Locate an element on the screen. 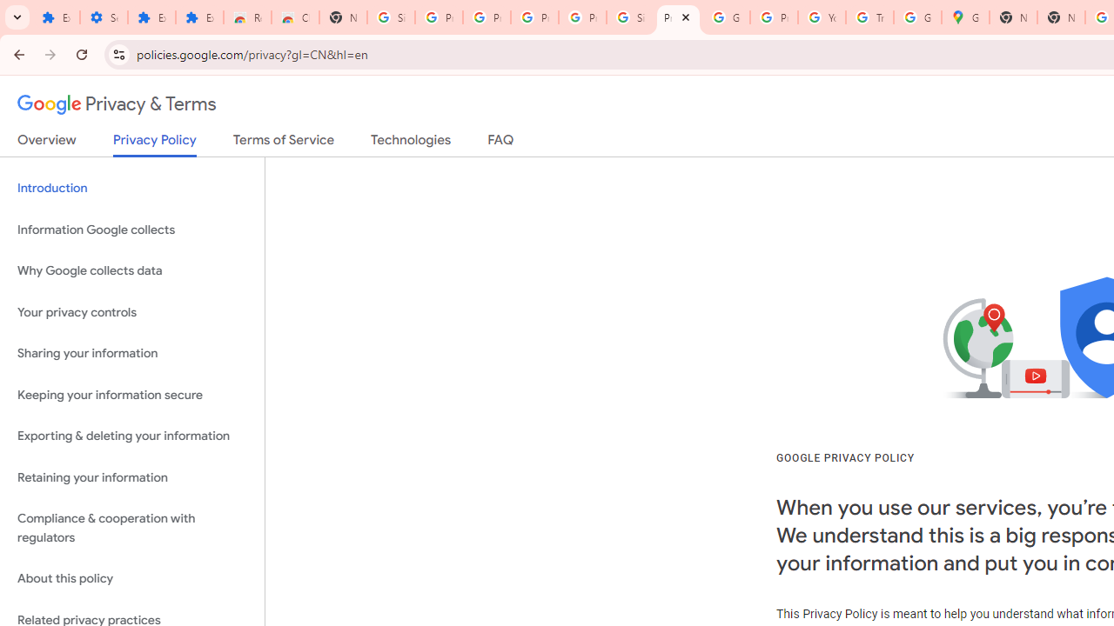  'Your privacy controls' is located at coordinates (131, 311).